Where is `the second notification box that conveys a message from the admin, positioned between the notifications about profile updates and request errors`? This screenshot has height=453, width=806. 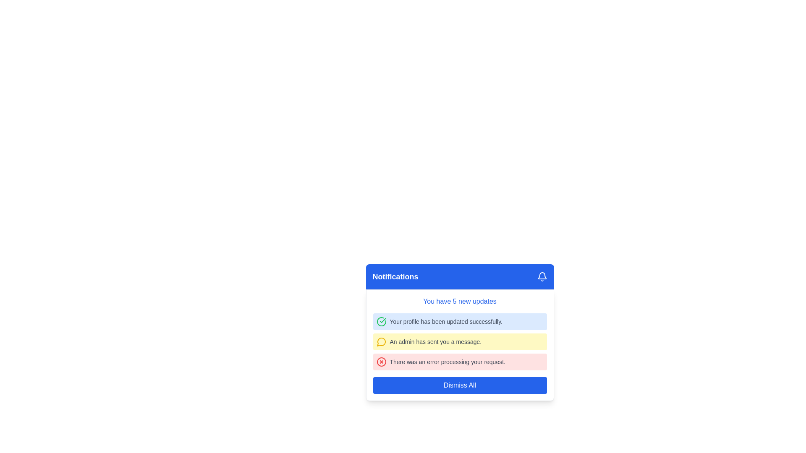
the second notification box that conveys a message from the admin, positioned between the notifications about profile updates and request errors is located at coordinates (459, 341).